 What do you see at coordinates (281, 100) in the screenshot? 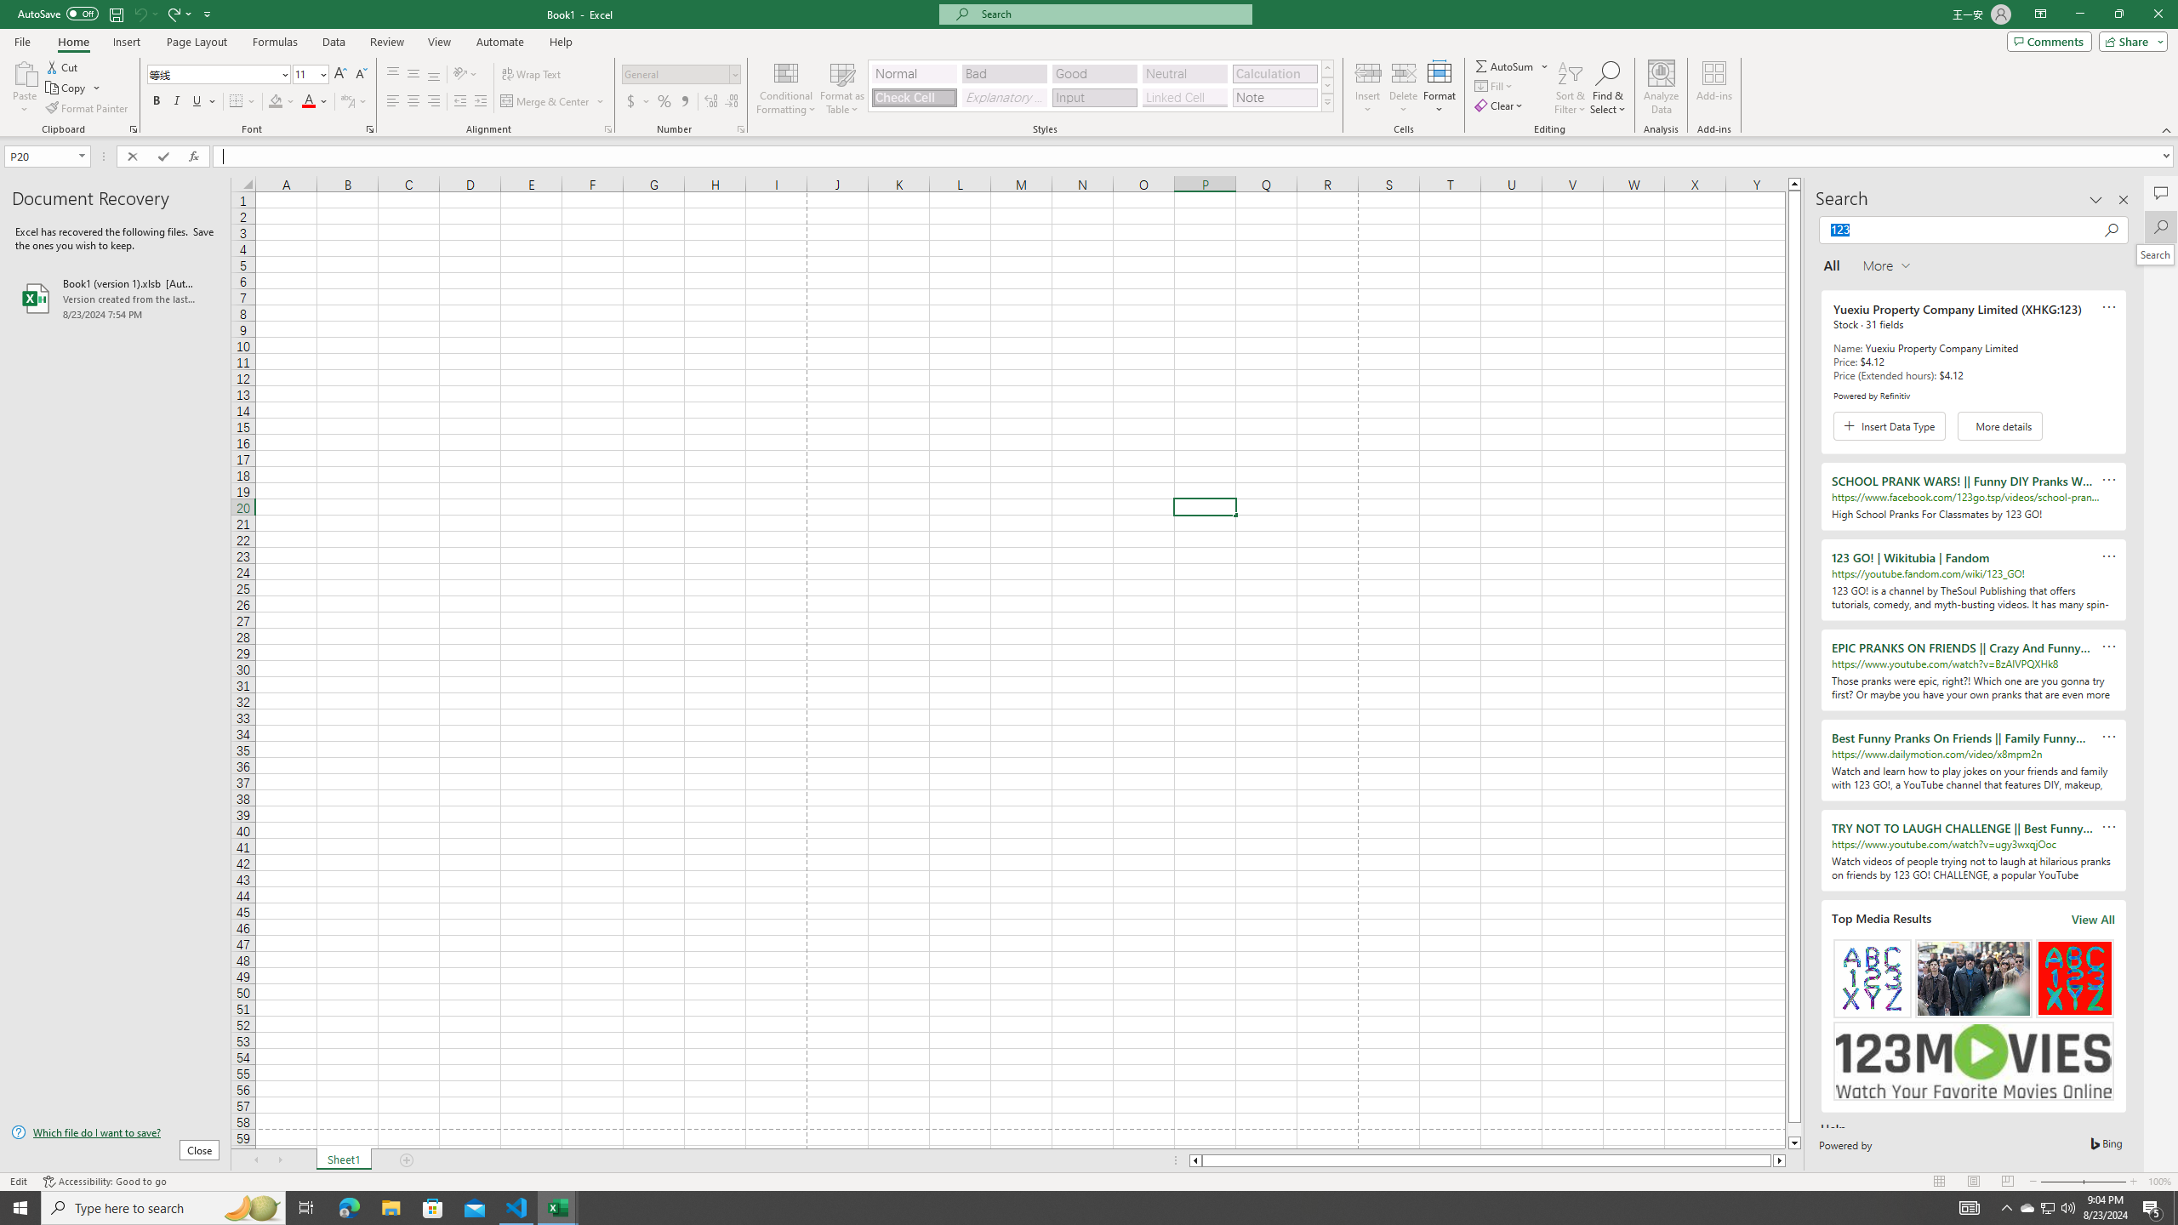
I see `'Fill Color'` at bounding box center [281, 100].